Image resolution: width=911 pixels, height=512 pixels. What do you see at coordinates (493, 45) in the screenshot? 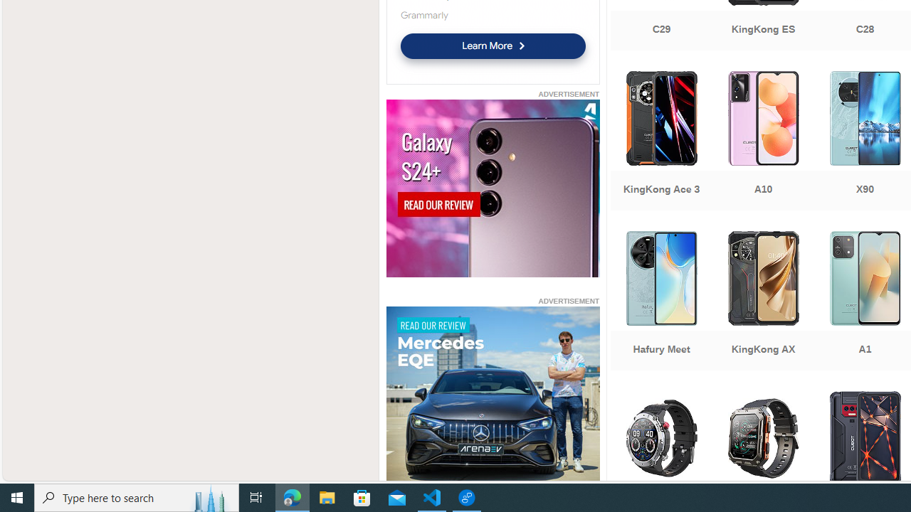
I see `'Learn More'` at bounding box center [493, 45].